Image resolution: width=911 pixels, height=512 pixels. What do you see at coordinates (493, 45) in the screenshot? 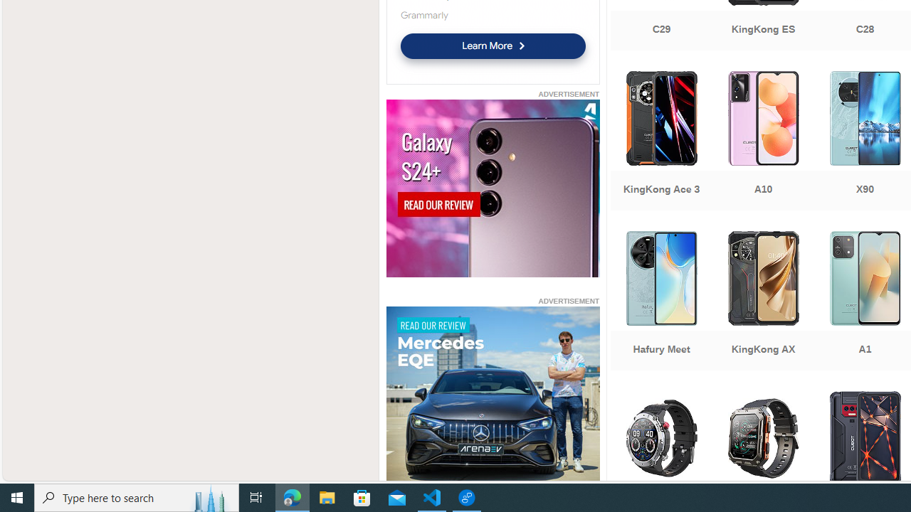
I see `'Learn More'` at bounding box center [493, 45].